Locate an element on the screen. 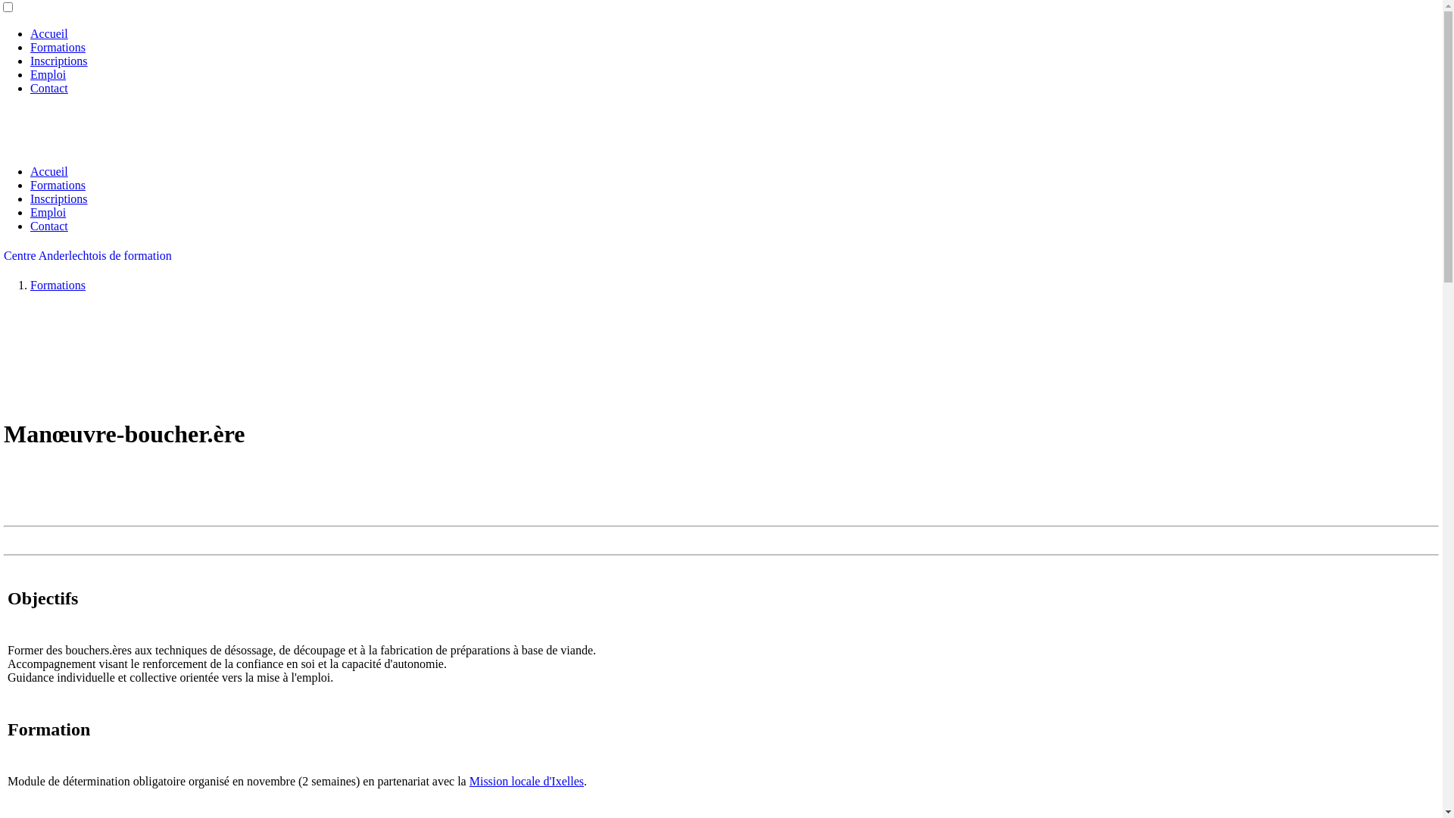 The height and width of the screenshot is (818, 1454). 'Contact' is located at coordinates (49, 88).